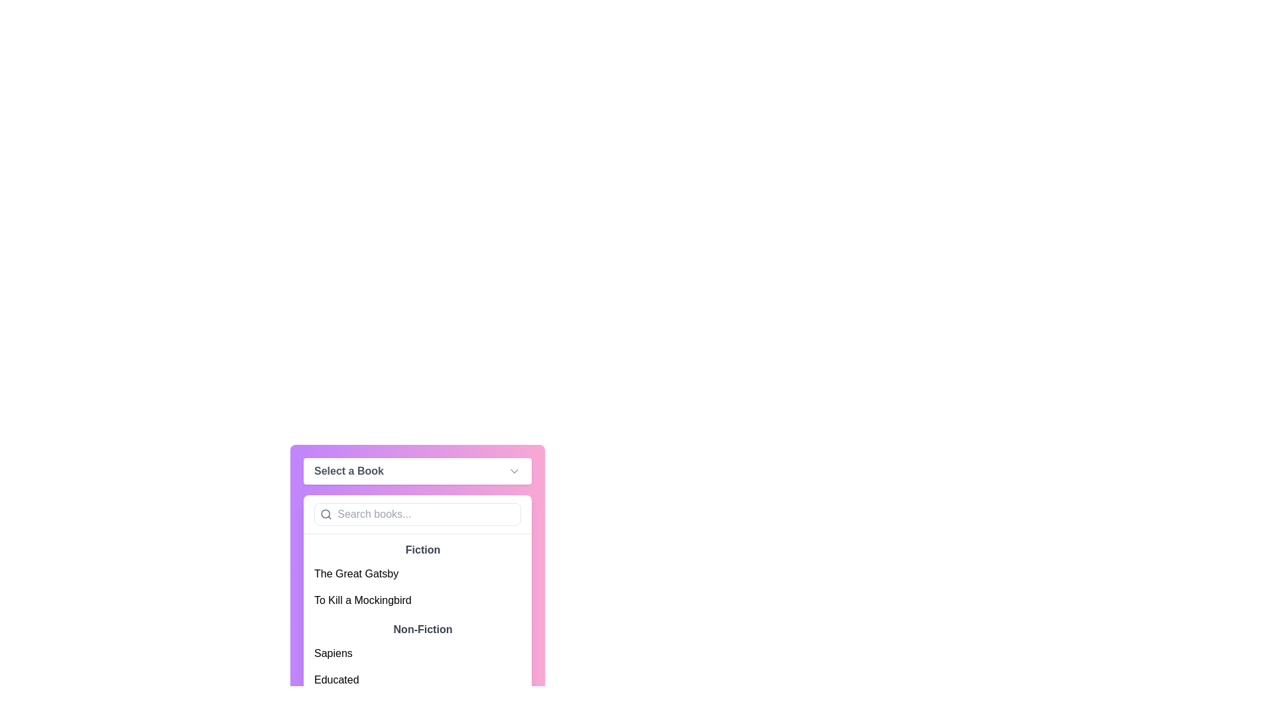  Describe the element at coordinates (356, 573) in the screenshot. I see `the option for 'The Great Gatsby' in the dropdown menu under the 'Fiction' heading` at that location.